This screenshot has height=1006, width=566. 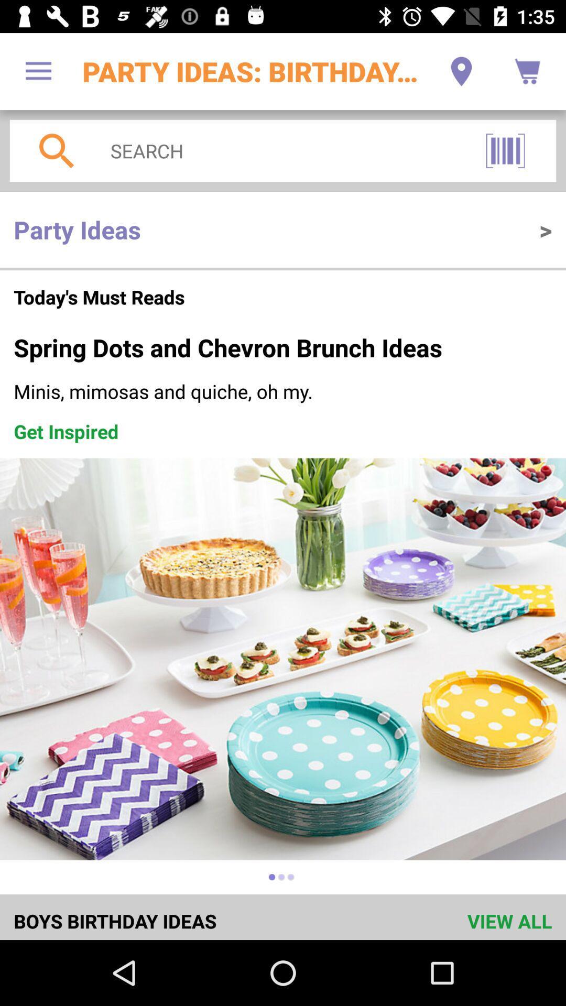 What do you see at coordinates (66, 431) in the screenshot?
I see `the get inspired icon` at bounding box center [66, 431].